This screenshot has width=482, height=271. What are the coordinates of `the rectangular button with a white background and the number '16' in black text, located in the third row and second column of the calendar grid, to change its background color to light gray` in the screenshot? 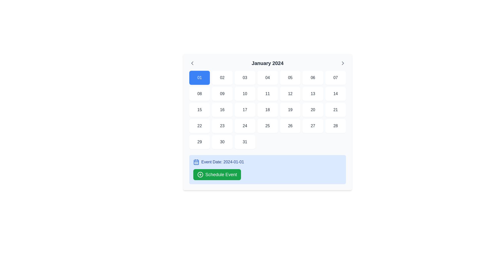 It's located at (222, 110).